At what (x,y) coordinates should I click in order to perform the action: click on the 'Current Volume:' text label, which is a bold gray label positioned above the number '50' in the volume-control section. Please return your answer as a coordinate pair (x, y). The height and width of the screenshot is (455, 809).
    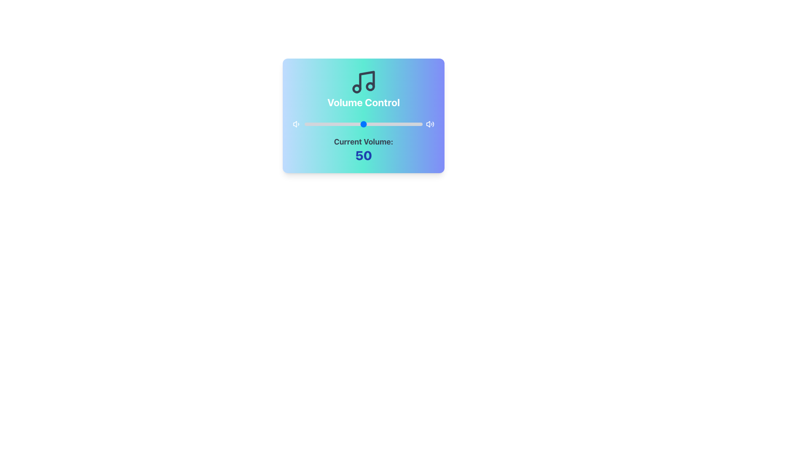
    Looking at the image, I should click on (364, 141).